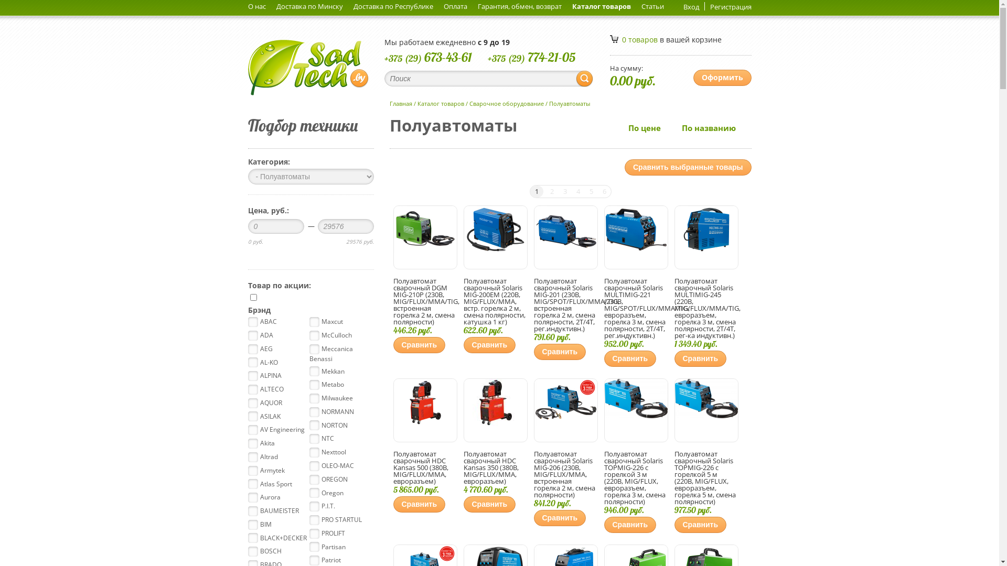 The image size is (1007, 566). What do you see at coordinates (564, 191) in the screenshot?
I see `'3'` at bounding box center [564, 191].